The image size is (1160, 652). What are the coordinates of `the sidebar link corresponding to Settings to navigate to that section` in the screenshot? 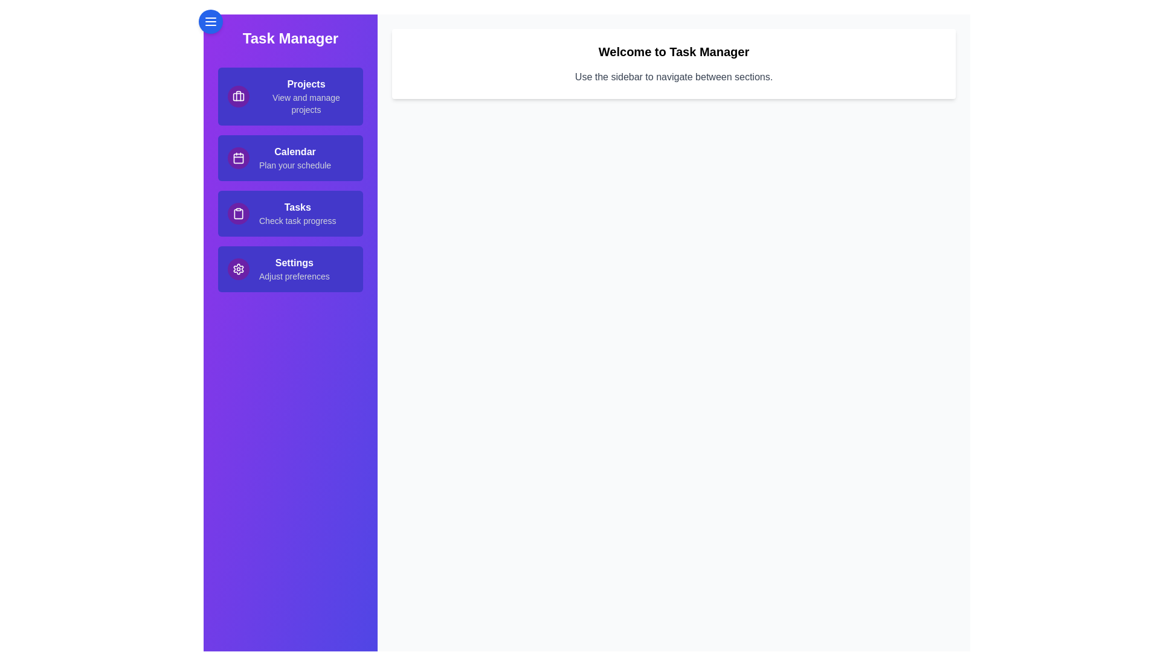 It's located at (290, 269).